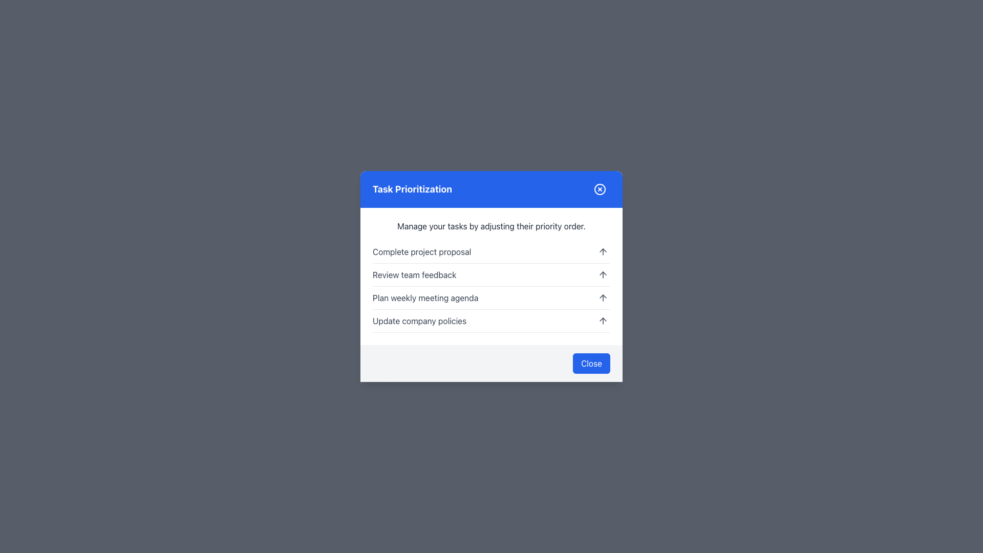 The height and width of the screenshot is (553, 983). I want to click on the priority adjustment button for the task 'Complete project proposal', so click(603, 252).